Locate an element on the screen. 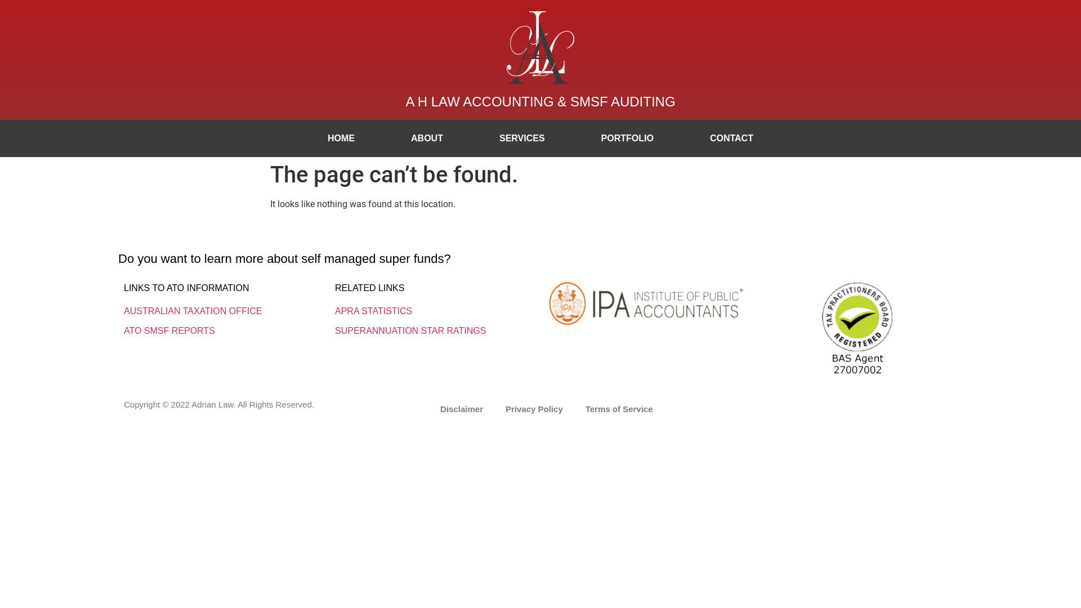  'APRA STATISTICS' is located at coordinates (373, 311).